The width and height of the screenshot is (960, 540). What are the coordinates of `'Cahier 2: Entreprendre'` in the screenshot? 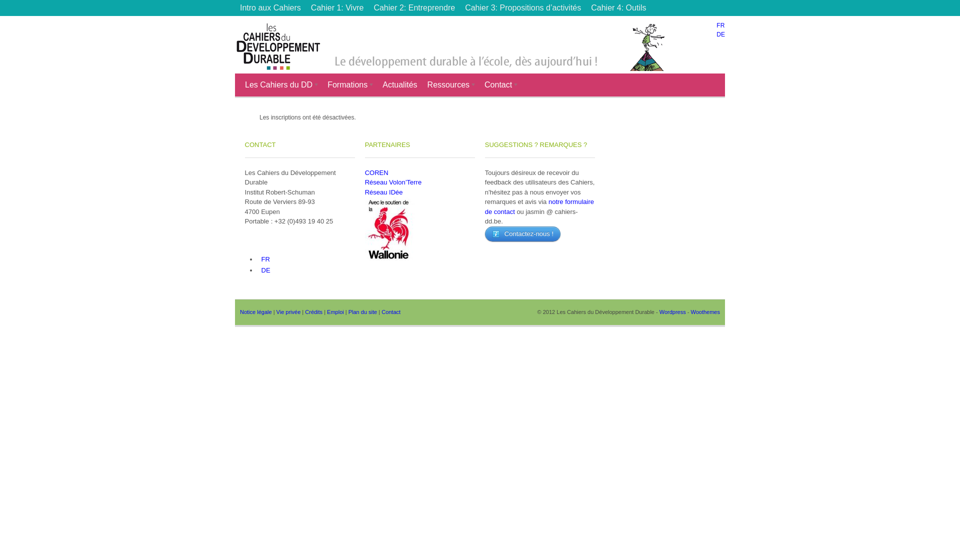 It's located at (414, 7).